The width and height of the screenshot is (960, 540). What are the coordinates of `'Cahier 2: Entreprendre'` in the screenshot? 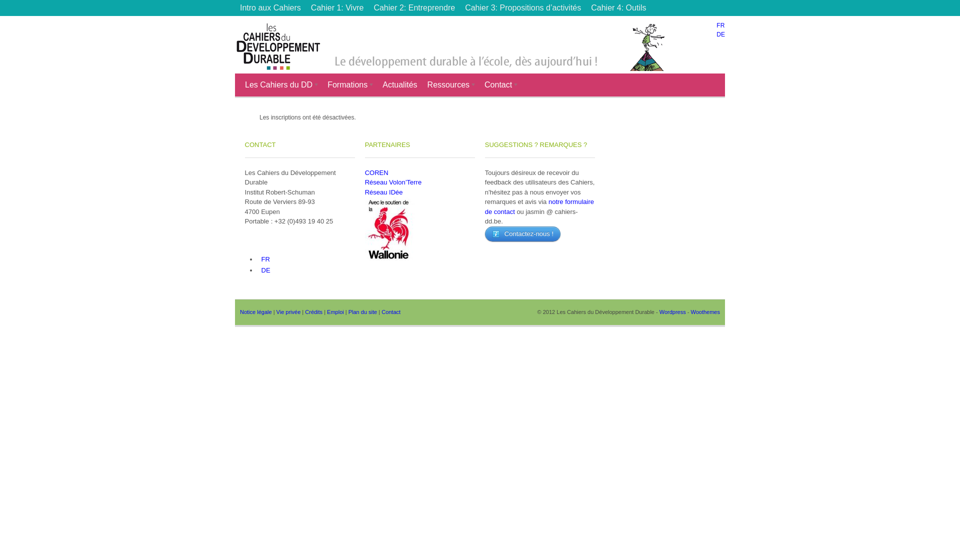 It's located at (414, 7).